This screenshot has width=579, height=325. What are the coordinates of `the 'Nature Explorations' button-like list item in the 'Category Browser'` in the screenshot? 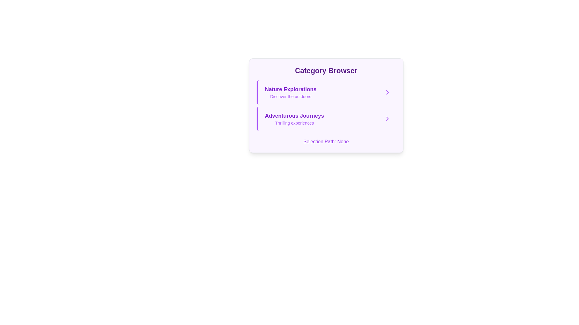 It's located at (326, 92).